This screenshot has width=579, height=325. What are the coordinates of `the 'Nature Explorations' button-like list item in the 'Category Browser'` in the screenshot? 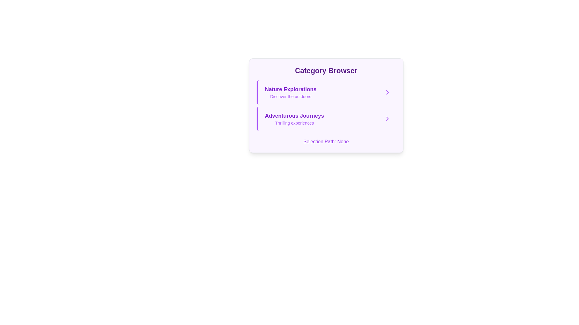 It's located at (326, 92).